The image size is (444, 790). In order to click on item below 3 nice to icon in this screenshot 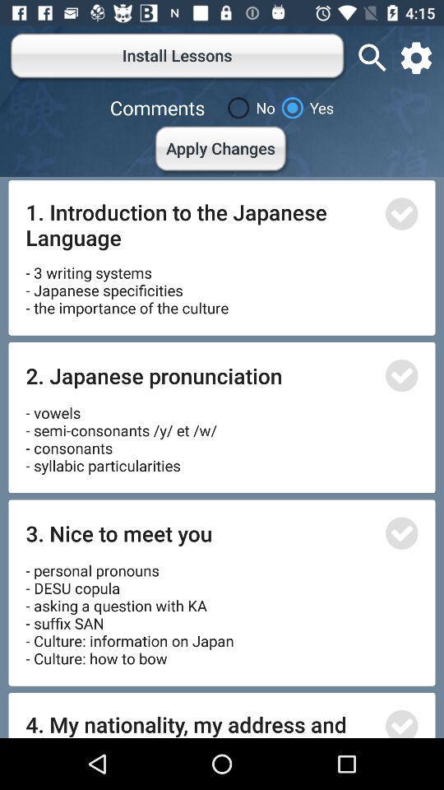, I will do `click(129, 608)`.